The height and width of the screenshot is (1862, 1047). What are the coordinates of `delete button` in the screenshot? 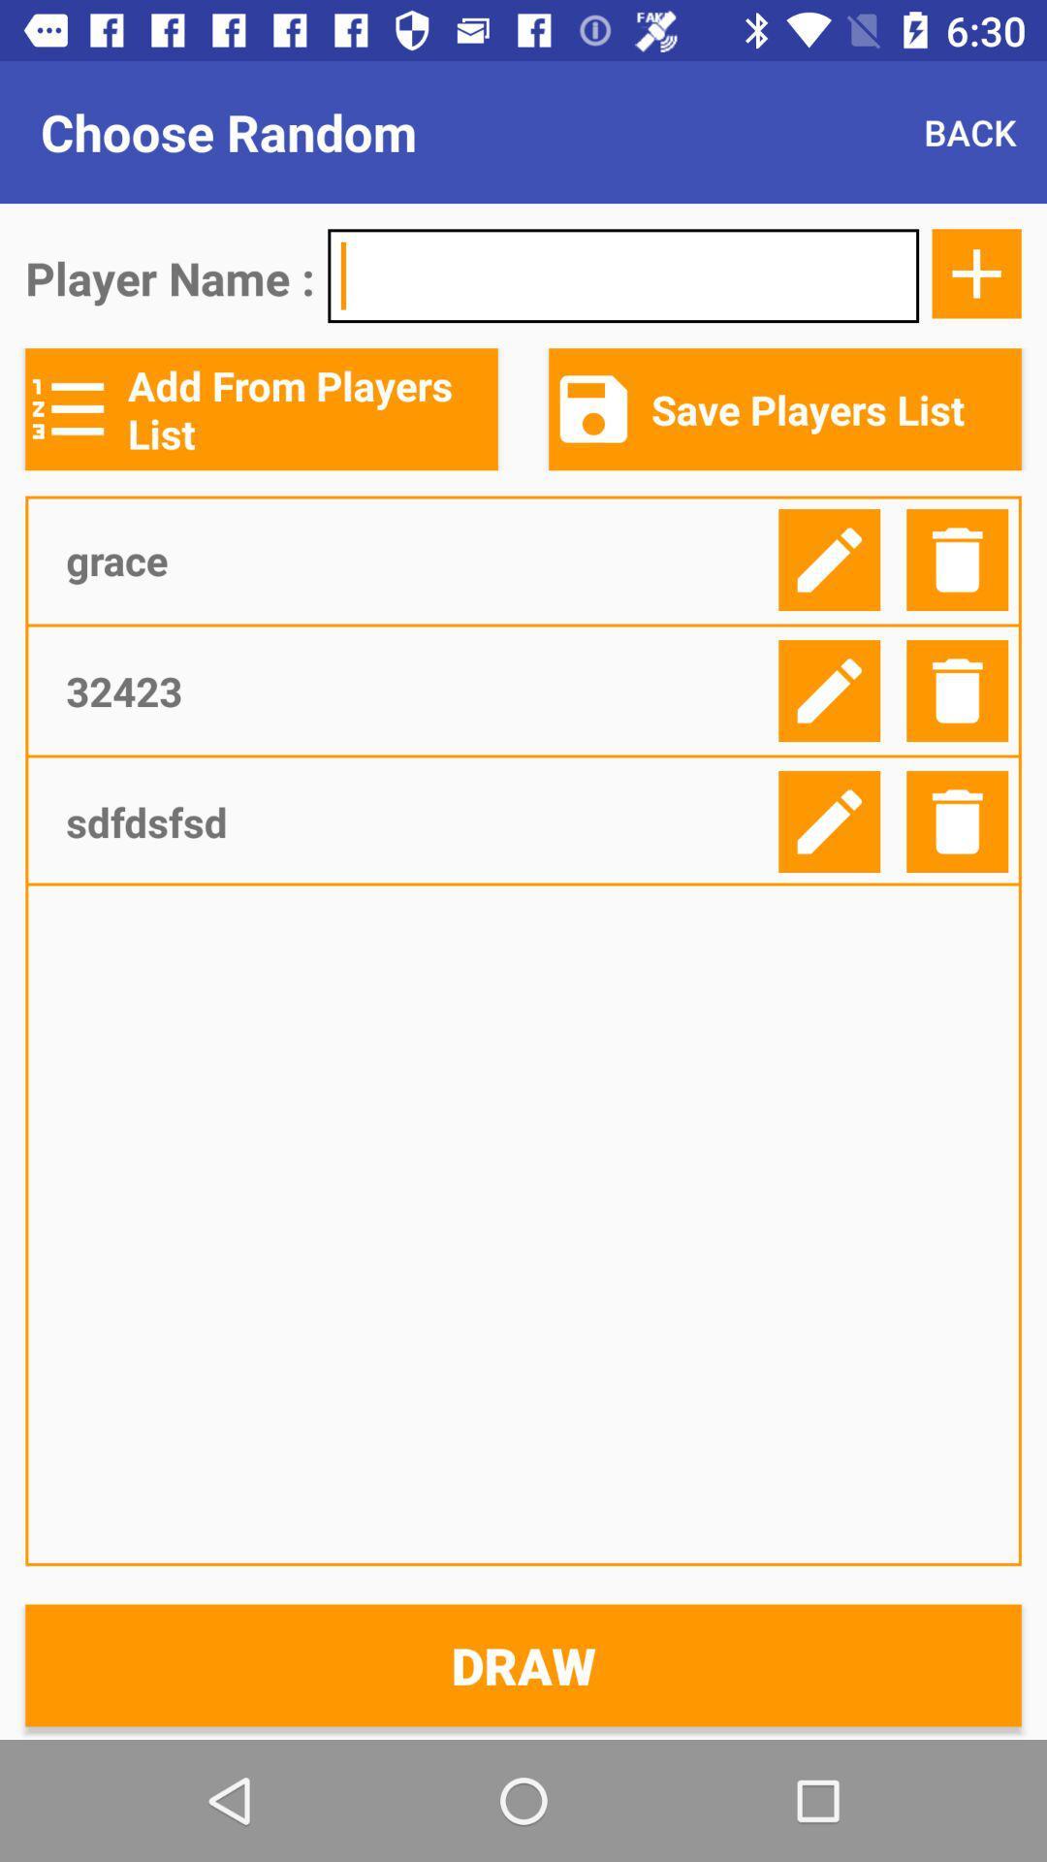 It's located at (956, 690).